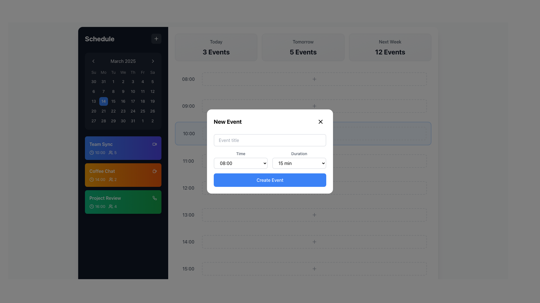 This screenshot has width=540, height=303. I want to click on the 'Team Sync' interactive event card located, so click(123, 148).